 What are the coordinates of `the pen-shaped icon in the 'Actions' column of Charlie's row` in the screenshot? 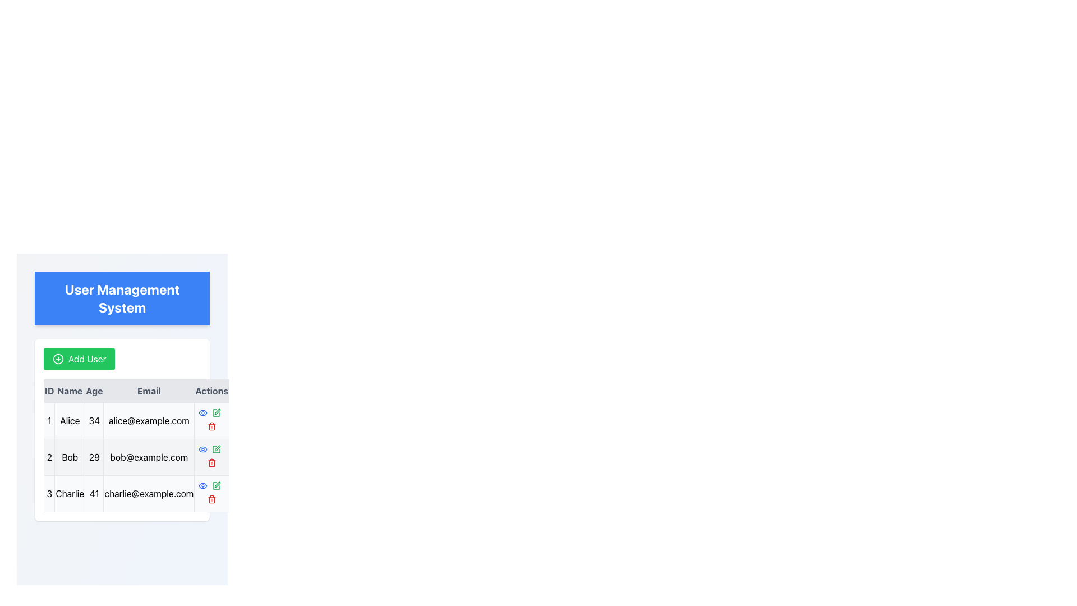 It's located at (216, 413).